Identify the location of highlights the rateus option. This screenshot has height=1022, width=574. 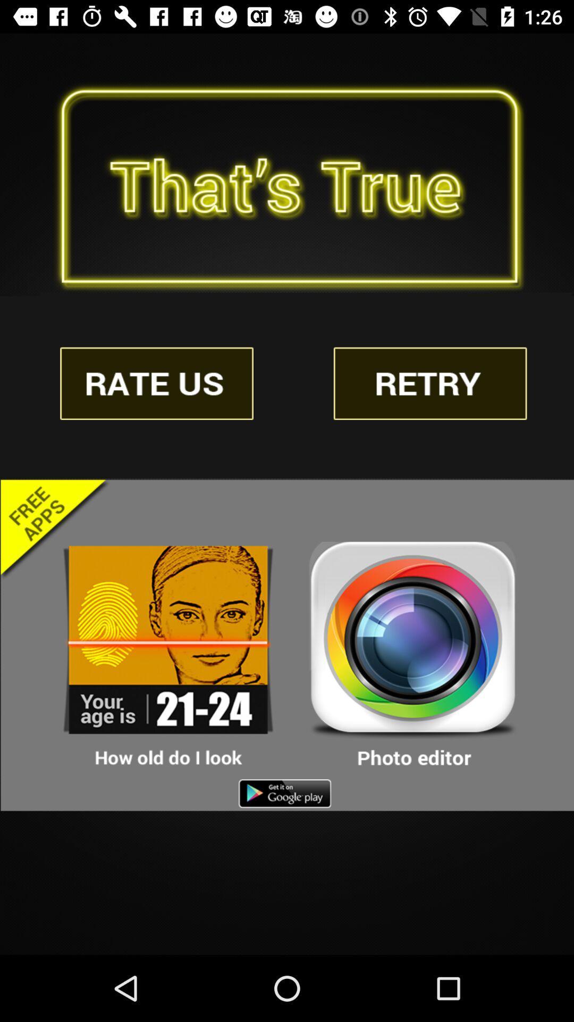
(157, 383).